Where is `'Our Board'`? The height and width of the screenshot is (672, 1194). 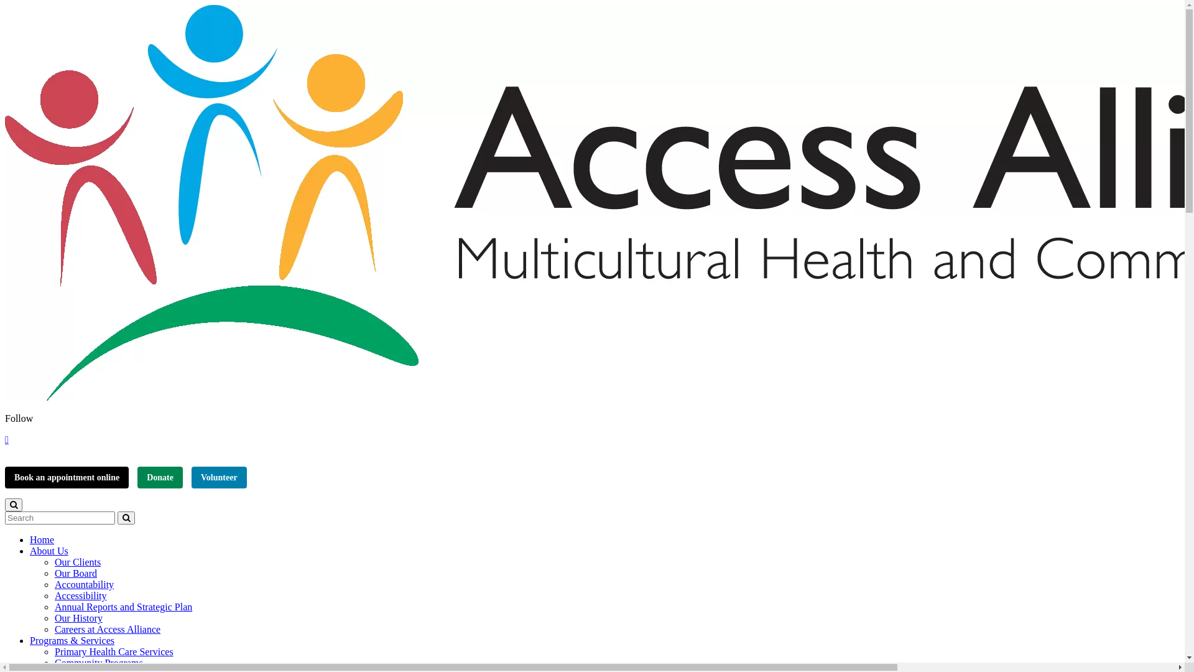 'Our Board' is located at coordinates (75, 573).